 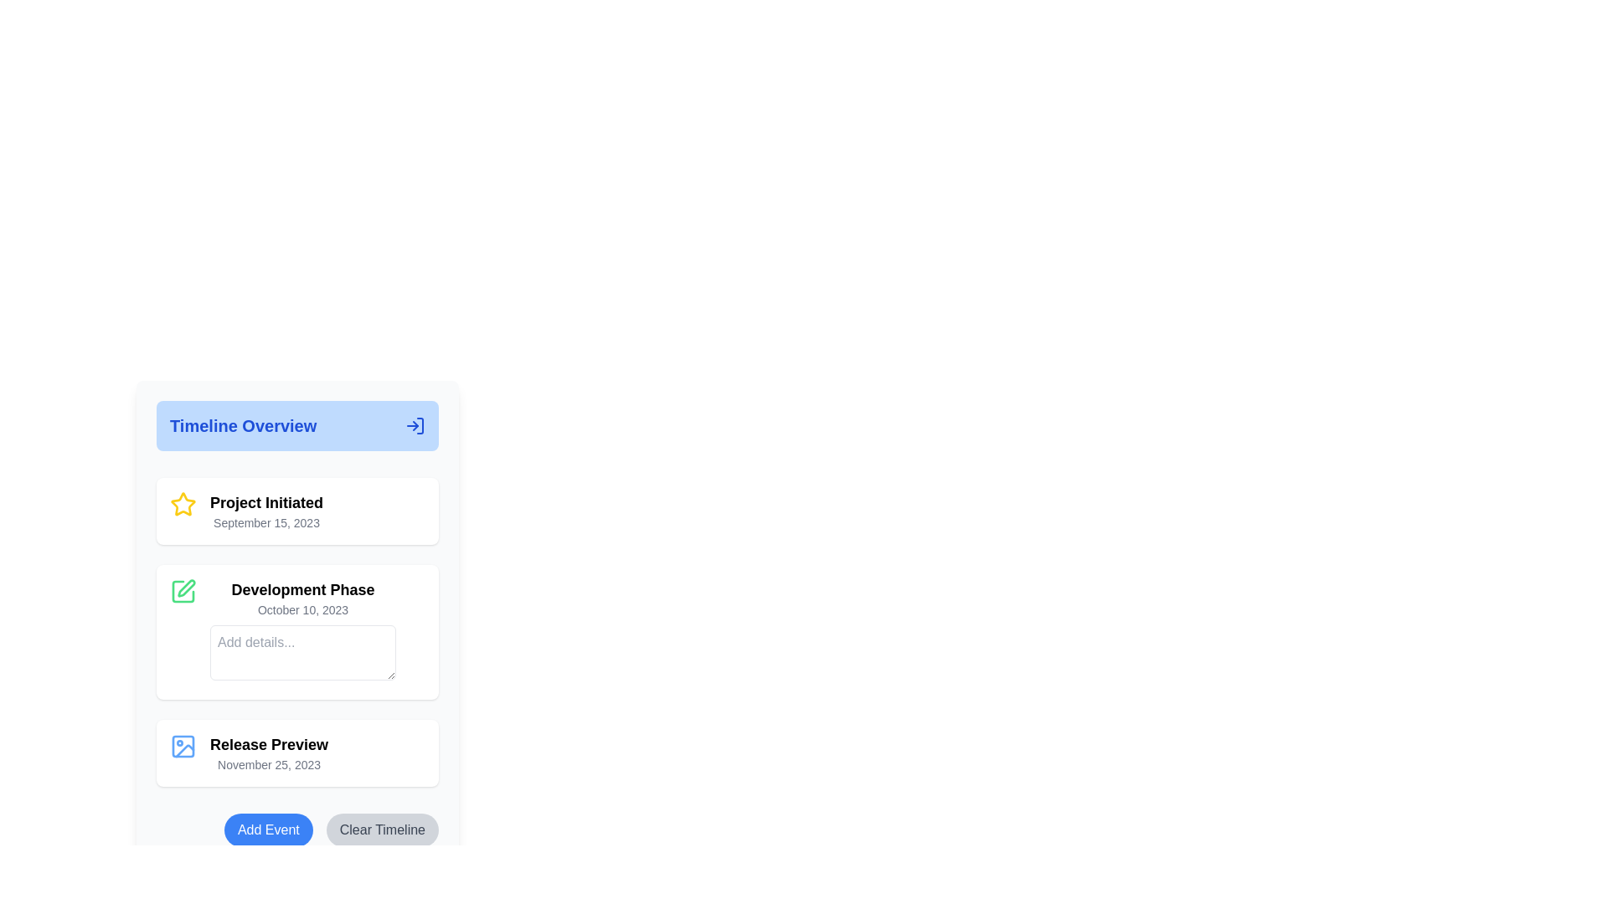 What do you see at coordinates (183, 745) in the screenshot?
I see `the image icon representing the 'Release Preview' section located at the top-left corner of the 'Release Preview' entry in the 'Timeline Overview' section` at bounding box center [183, 745].